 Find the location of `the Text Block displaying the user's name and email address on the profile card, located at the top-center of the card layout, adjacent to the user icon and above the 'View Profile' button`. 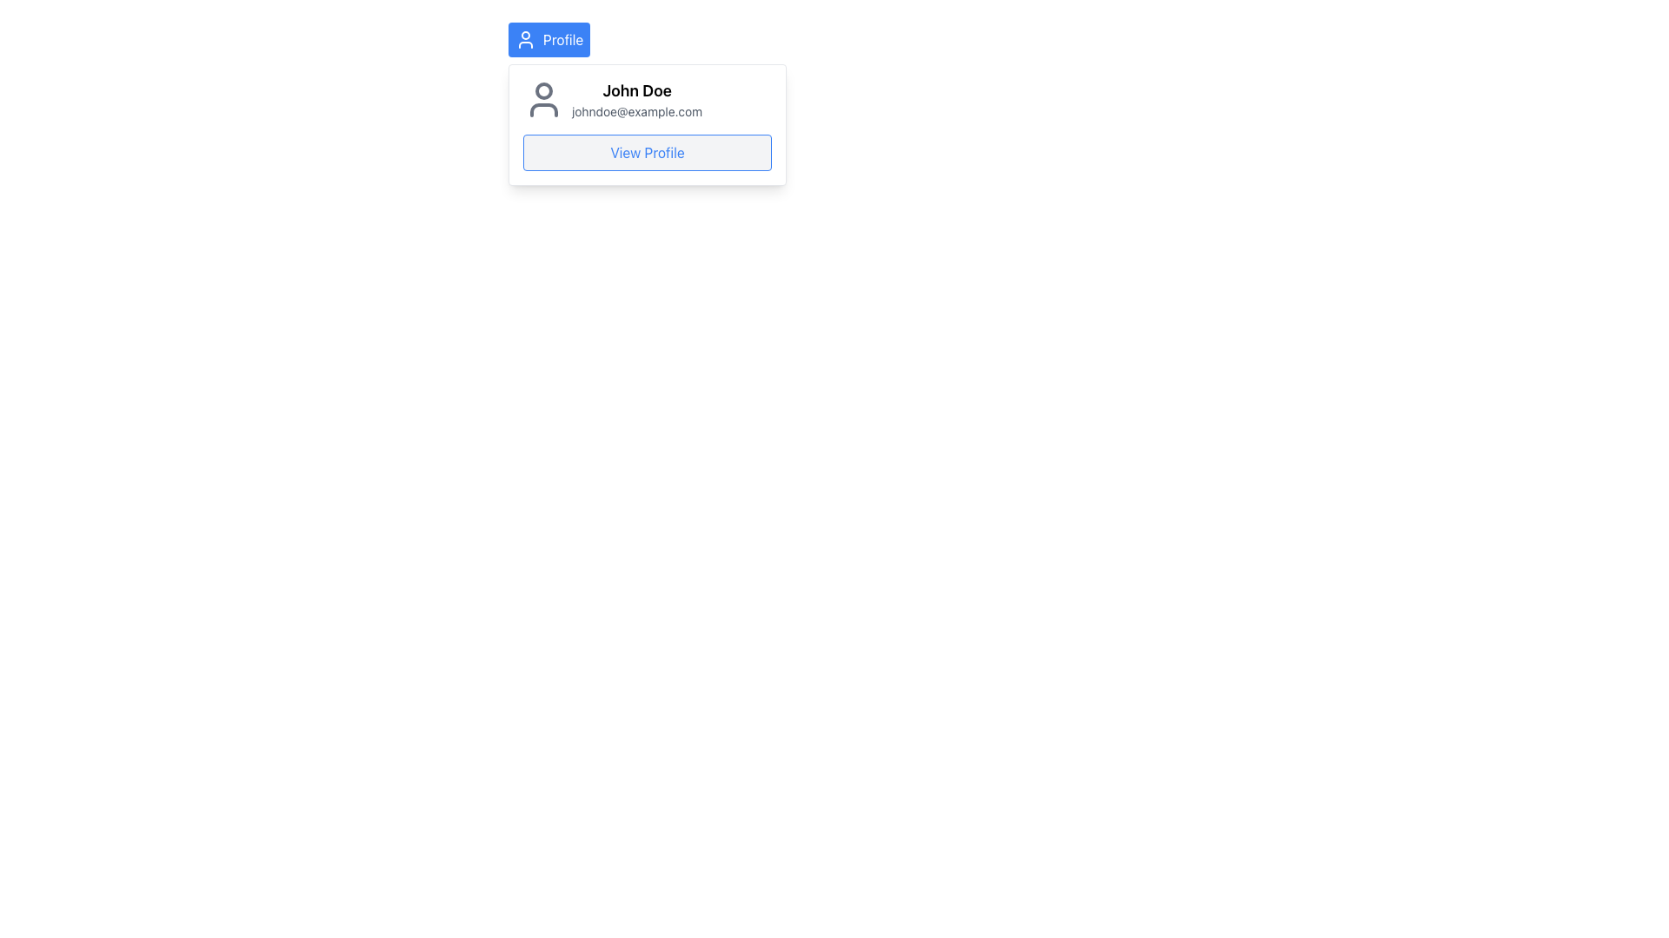

the Text Block displaying the user's name and email address on the profile card, located at the top-center of the card layout, adjacent to the user icon and above the 'View Profile' button is located at coordinates (636, 100).